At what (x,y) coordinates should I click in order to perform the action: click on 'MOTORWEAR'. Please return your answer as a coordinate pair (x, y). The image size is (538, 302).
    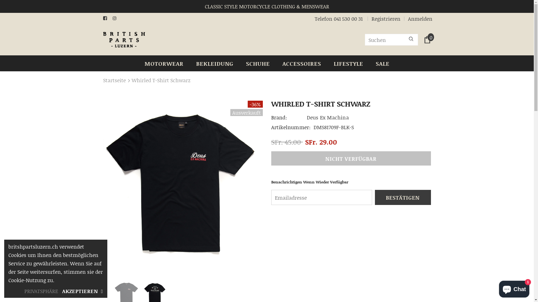
    Looking at the image, I should click on (164, 63).